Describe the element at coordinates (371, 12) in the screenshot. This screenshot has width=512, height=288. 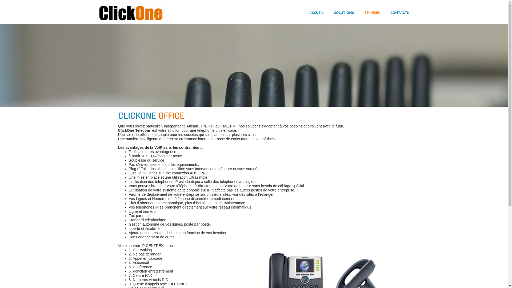
I see `'SERVICES'` at that location.